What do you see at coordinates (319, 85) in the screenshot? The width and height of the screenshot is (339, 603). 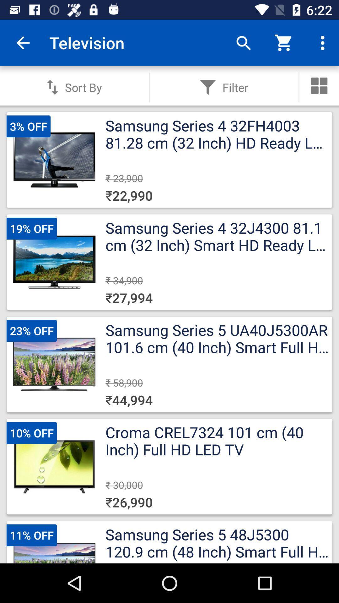 I see `more tools\` at bounding box center [319, 85].